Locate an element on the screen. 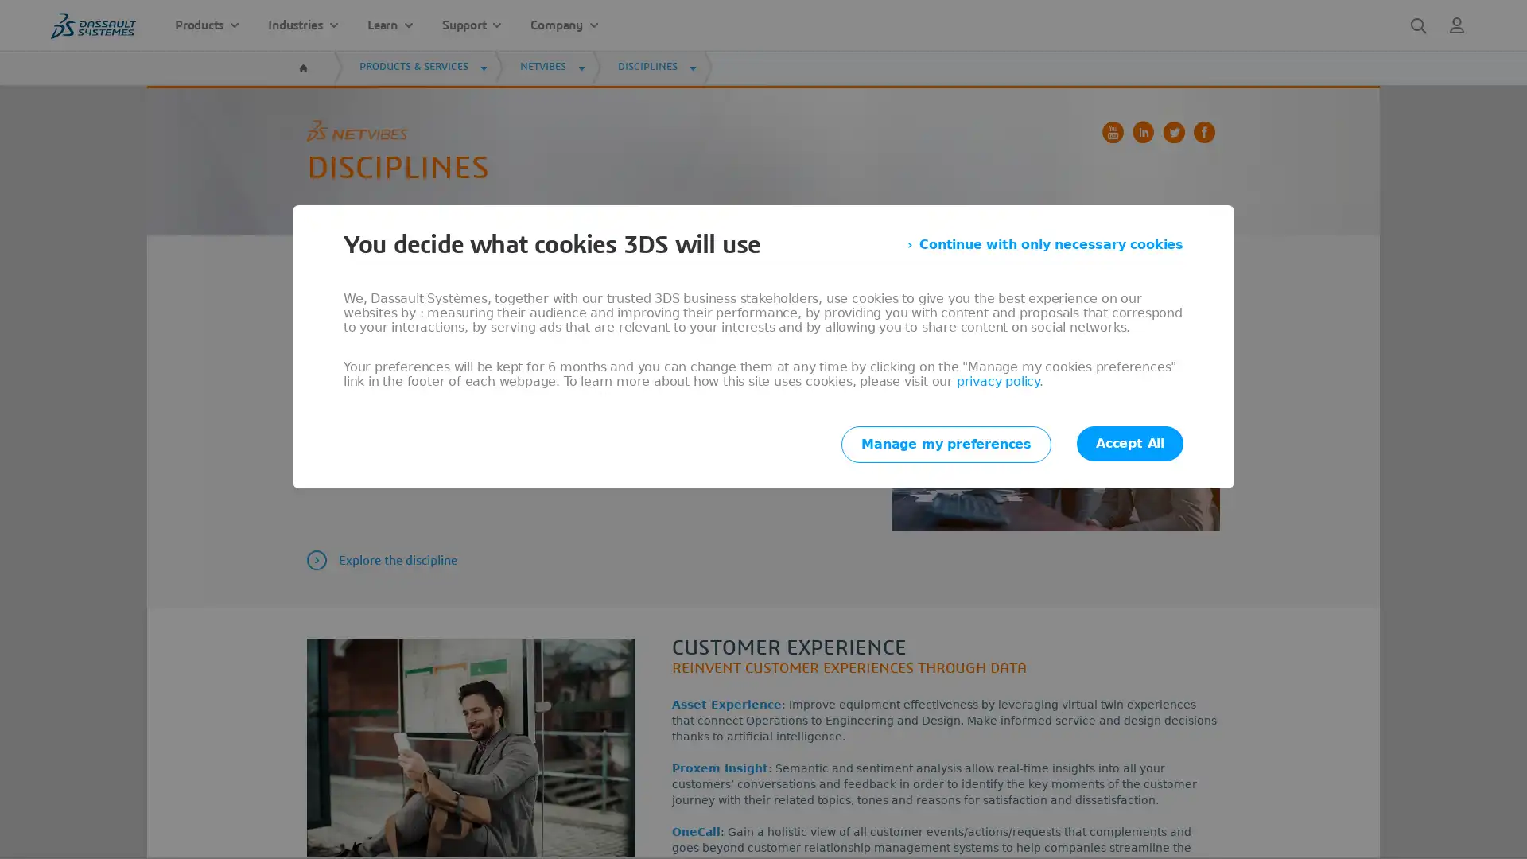 Image resolution: width=1527 pixels, height=859 pixels. Global Search is located at coordinates (1419, 25).